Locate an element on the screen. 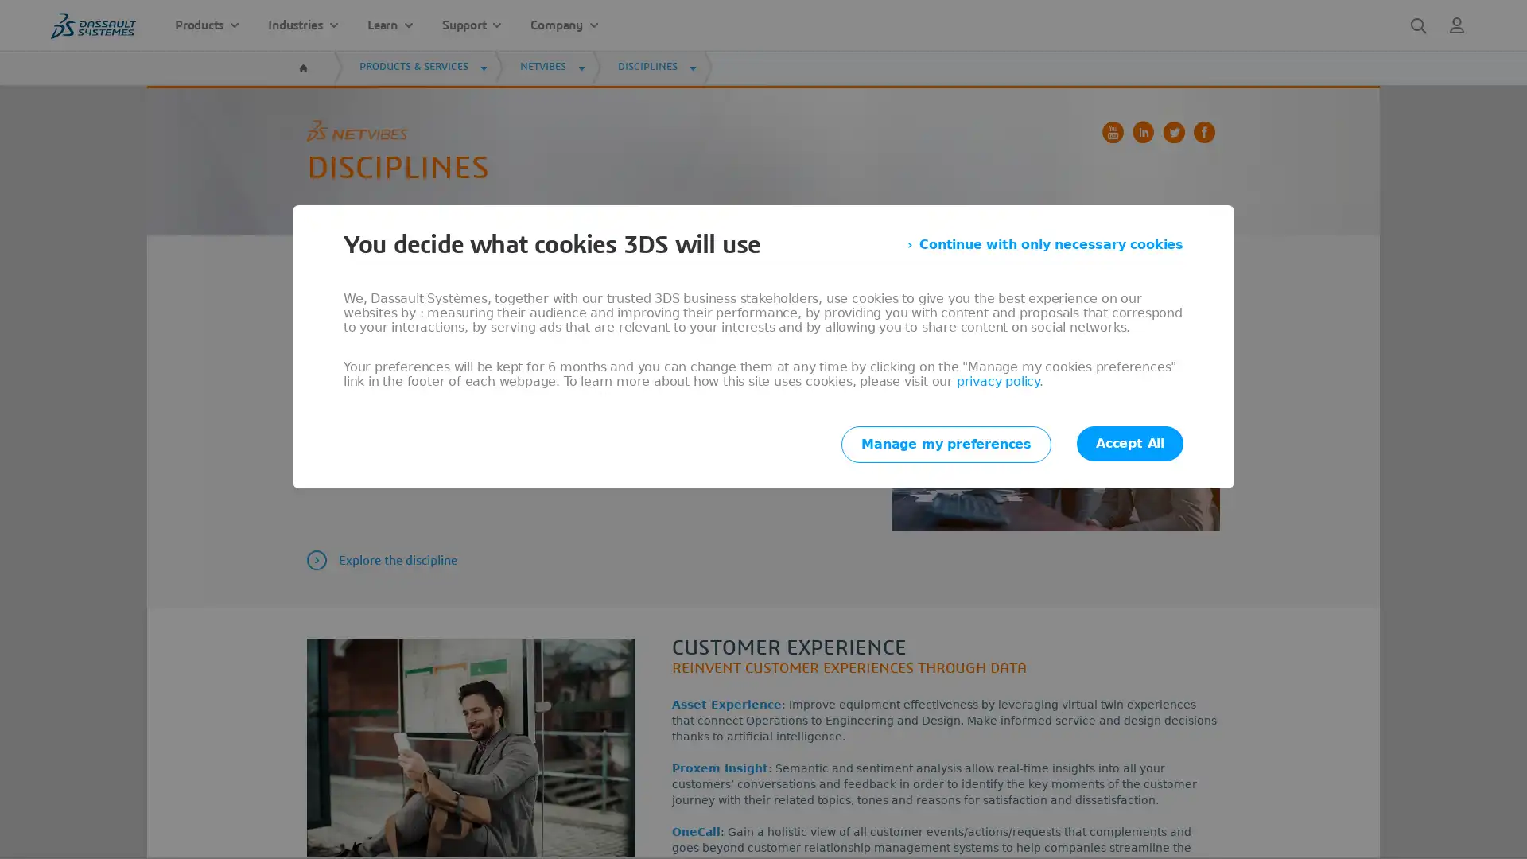 Image resolution: width=1527 pixels, height=859 pixels. Global Search is located at coordinates (1419, 25).